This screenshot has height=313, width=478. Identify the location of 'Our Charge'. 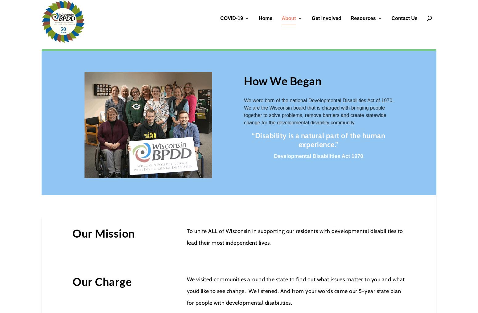
(101, 281).